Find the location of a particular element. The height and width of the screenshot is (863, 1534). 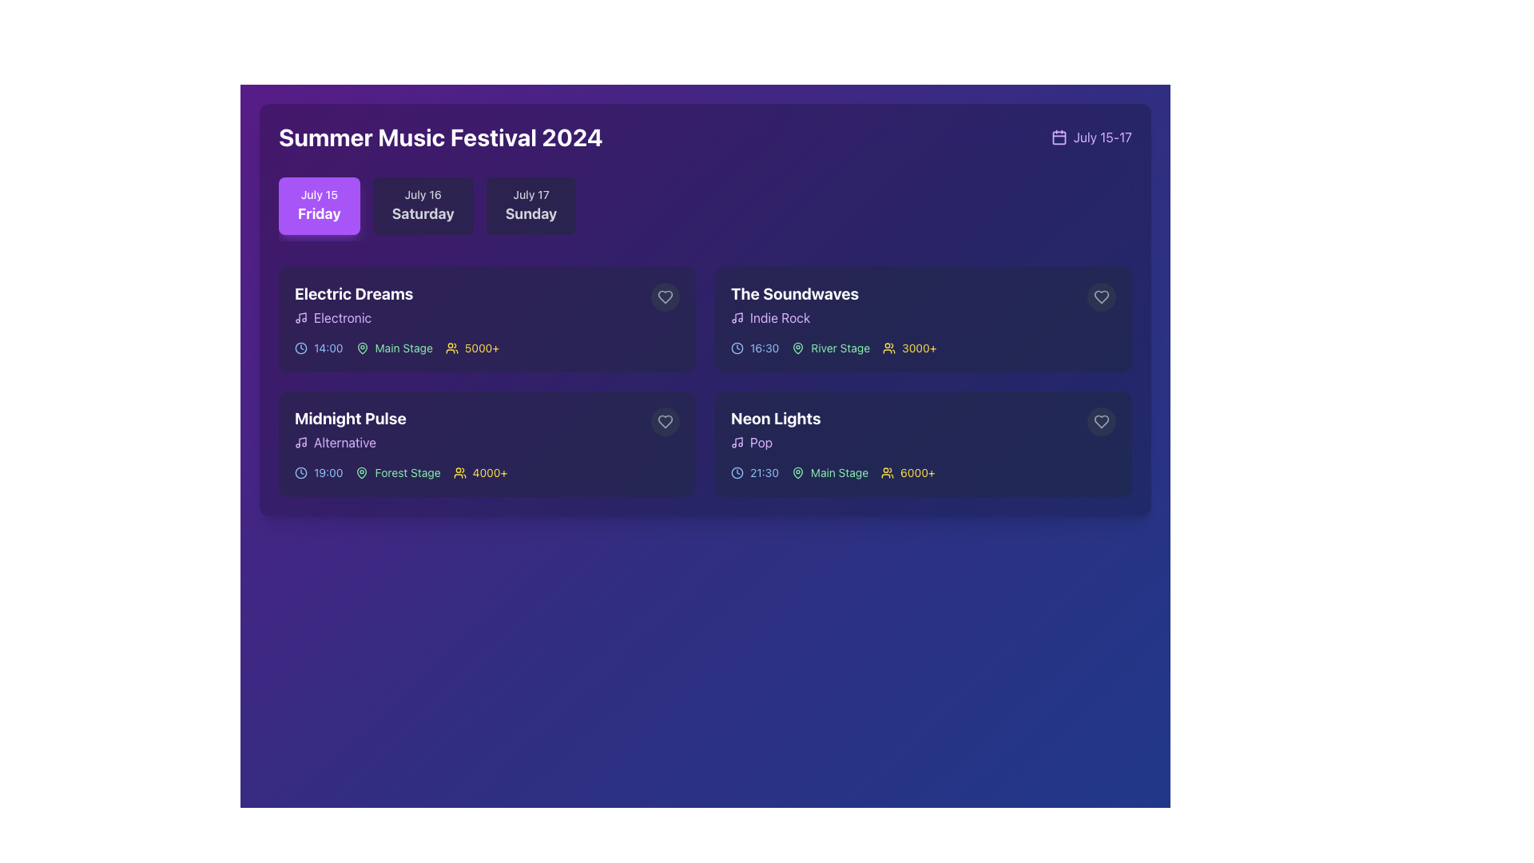

the small outlined clock icon located to the left of the time label '14:00' in the event details for 'Electric Dreams' on the 'July 15 Friday' tab is located at coordinates (301, 347).